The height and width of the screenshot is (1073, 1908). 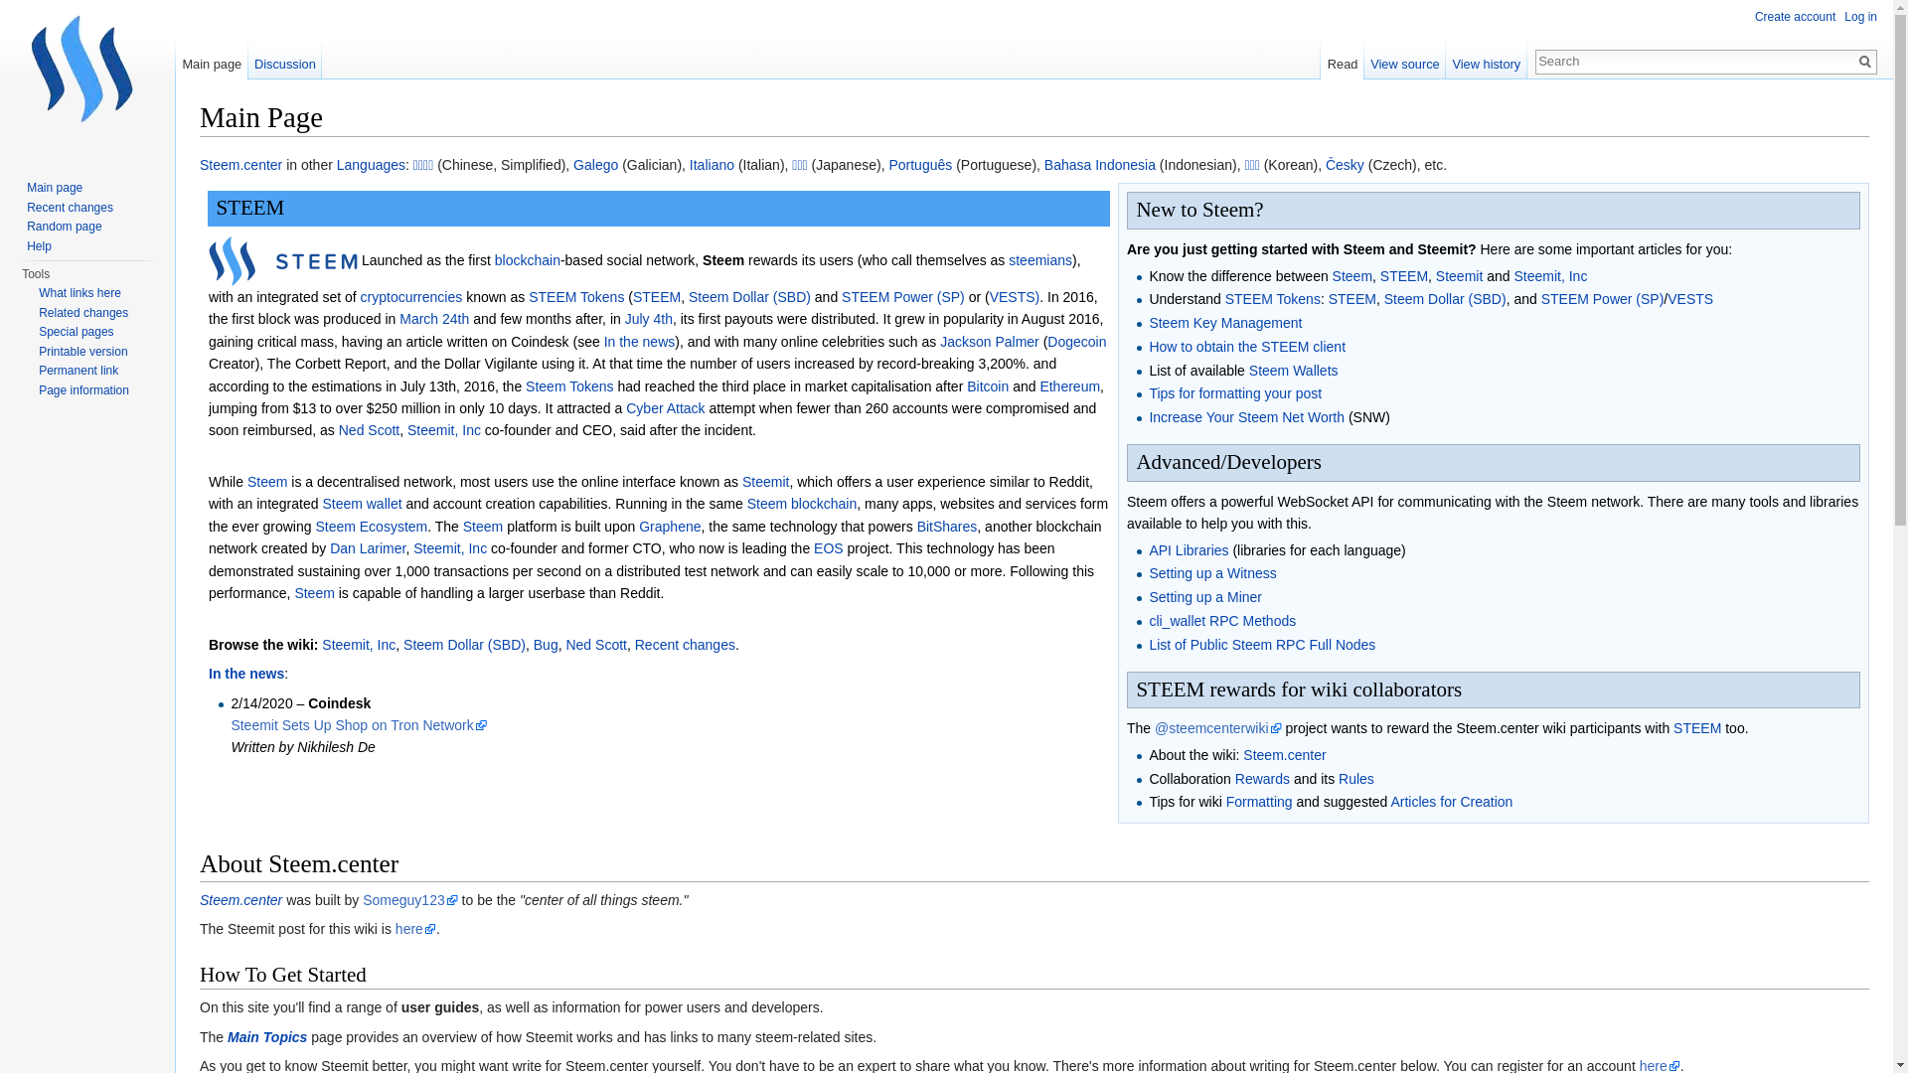 I want to click on 'Permanent link', so click(x=38, y=371).